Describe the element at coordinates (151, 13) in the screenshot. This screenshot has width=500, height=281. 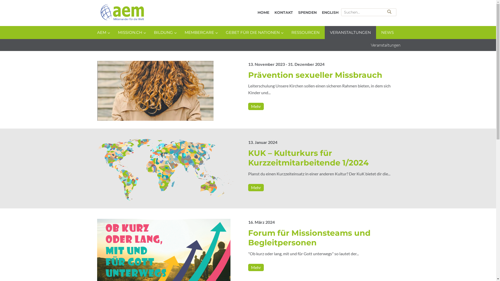
I see `'AEM'` at that location.